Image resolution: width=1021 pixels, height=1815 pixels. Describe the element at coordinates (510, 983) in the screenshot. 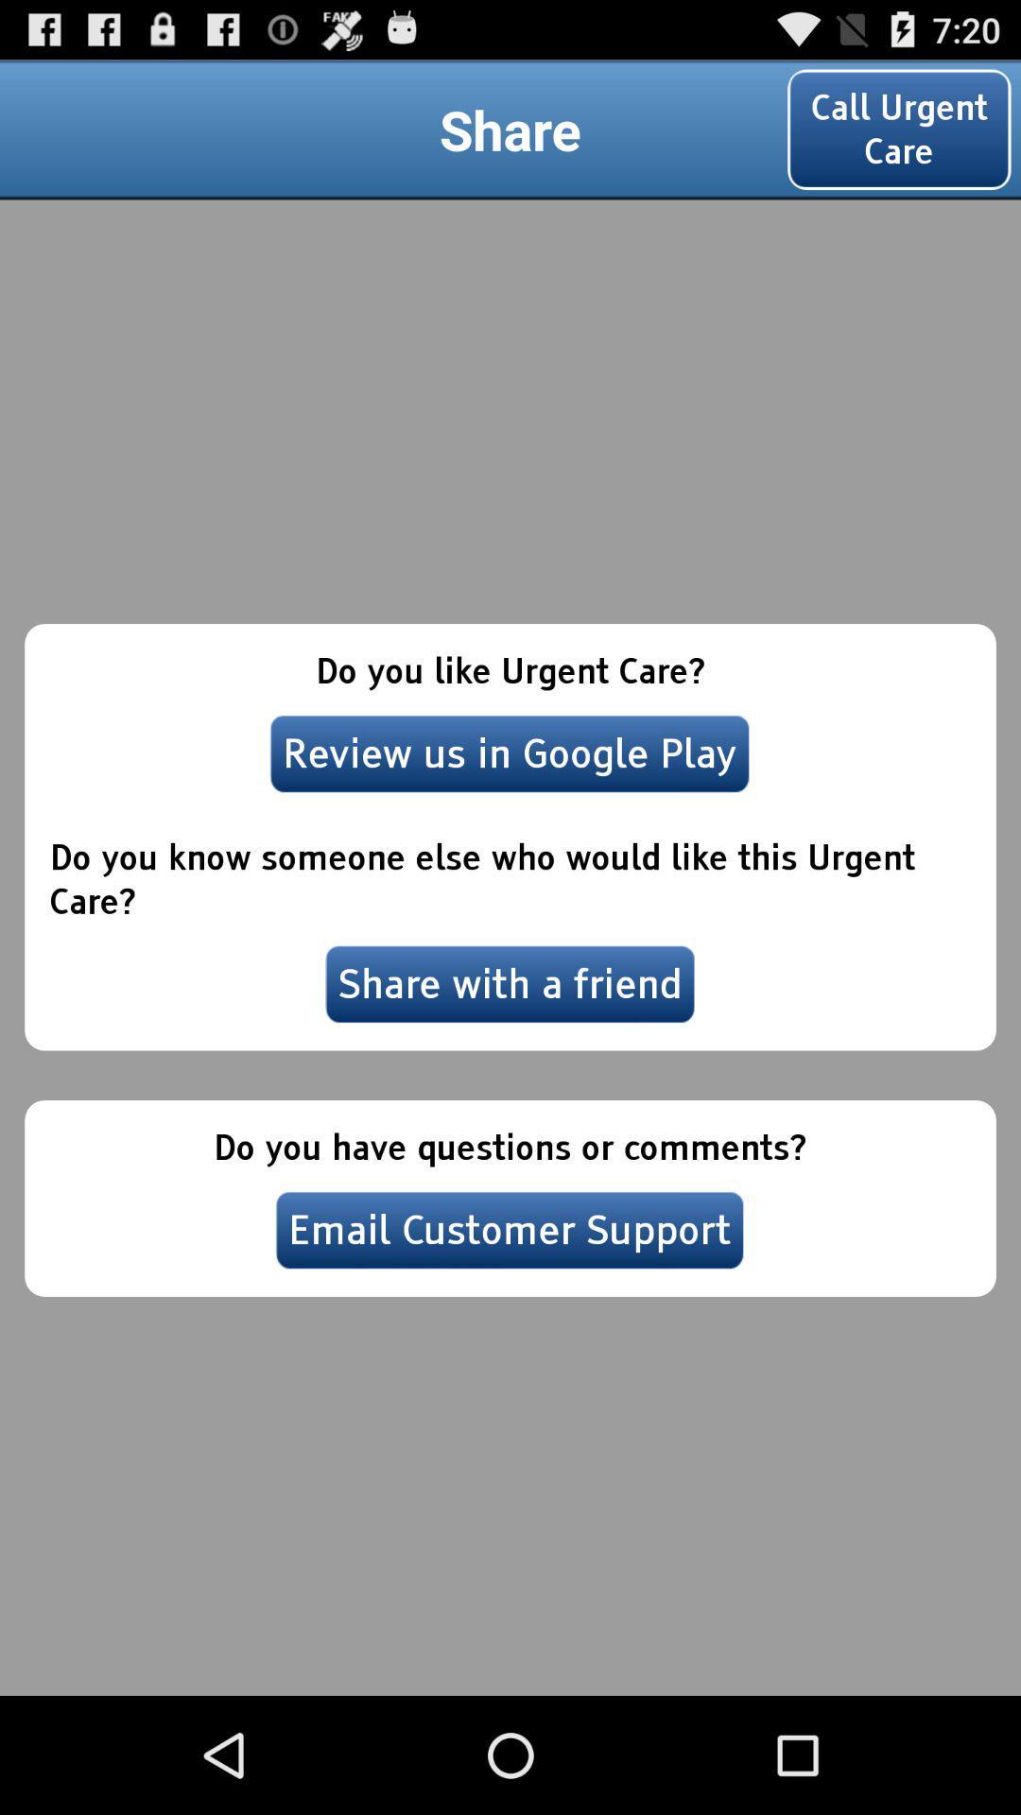

I see `the icon above the do you have icon` at that location.